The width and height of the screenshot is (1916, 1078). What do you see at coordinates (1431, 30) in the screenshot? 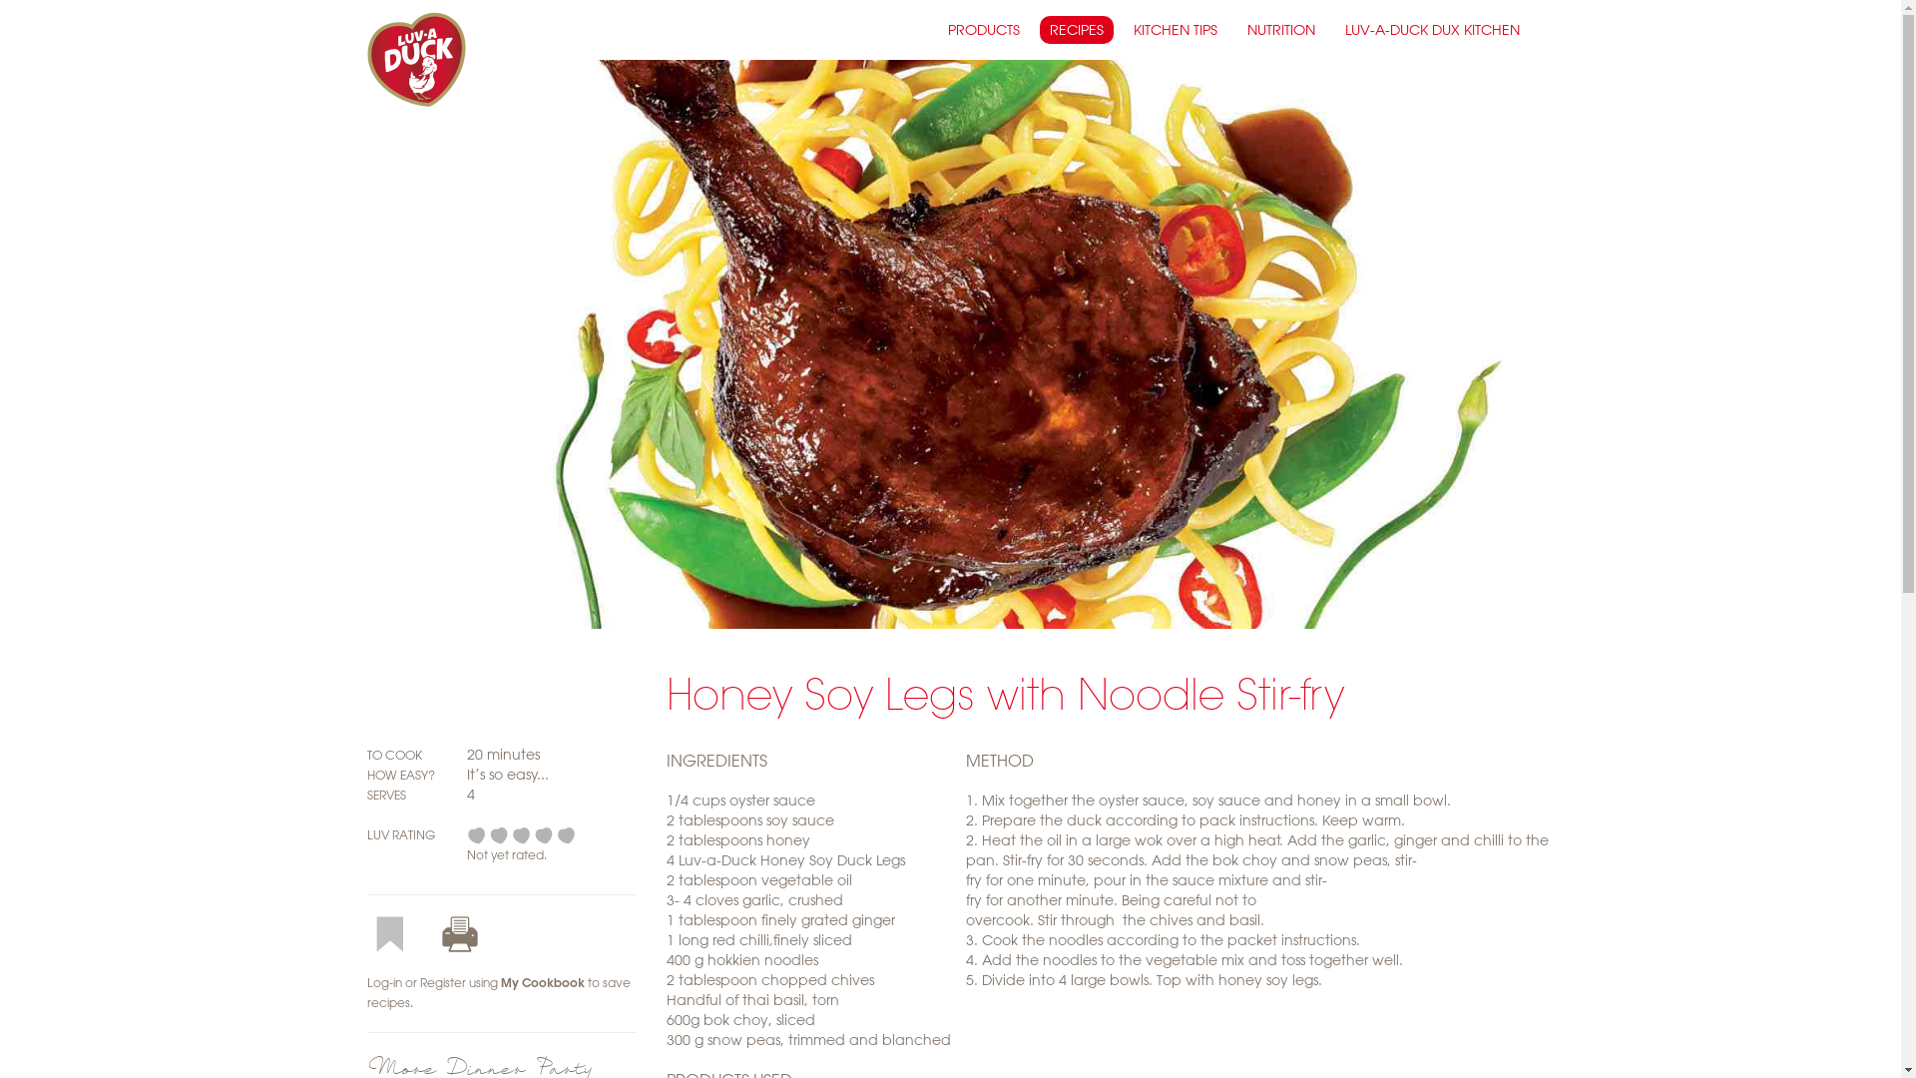
I see `'LUV-A-DUCK DUX KITCHEN'` at bounding box center [1431, 30].